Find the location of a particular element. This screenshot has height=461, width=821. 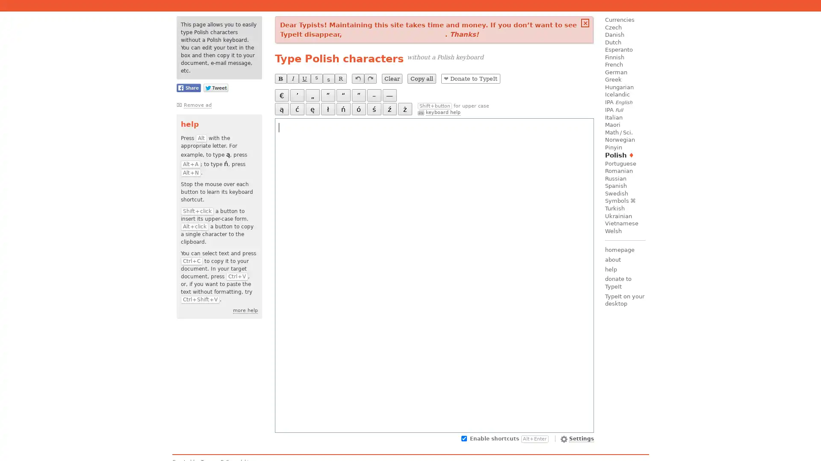

Copy all is located at coordinates (421, 79).